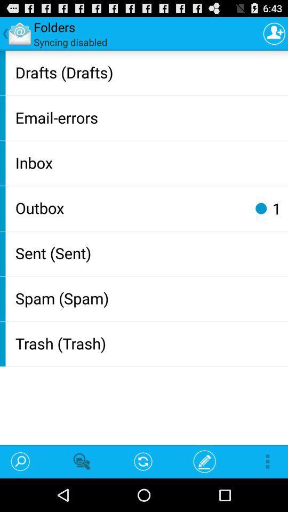 This screenshot has height=512, width=288. I want to click on the app above the sent (sent) icon, so click(276, 207).